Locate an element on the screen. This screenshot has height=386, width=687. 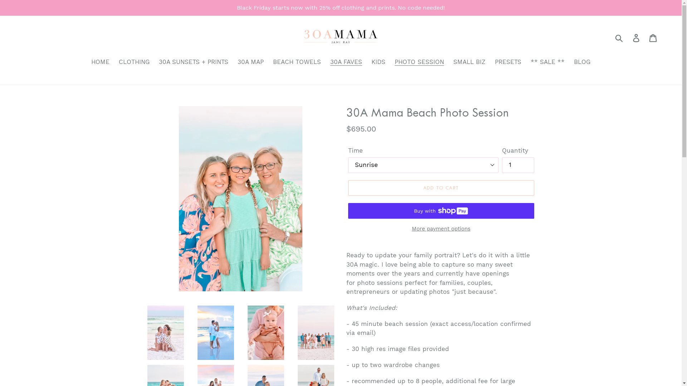
'30A FAVES' is located at coordinates (346, 62).